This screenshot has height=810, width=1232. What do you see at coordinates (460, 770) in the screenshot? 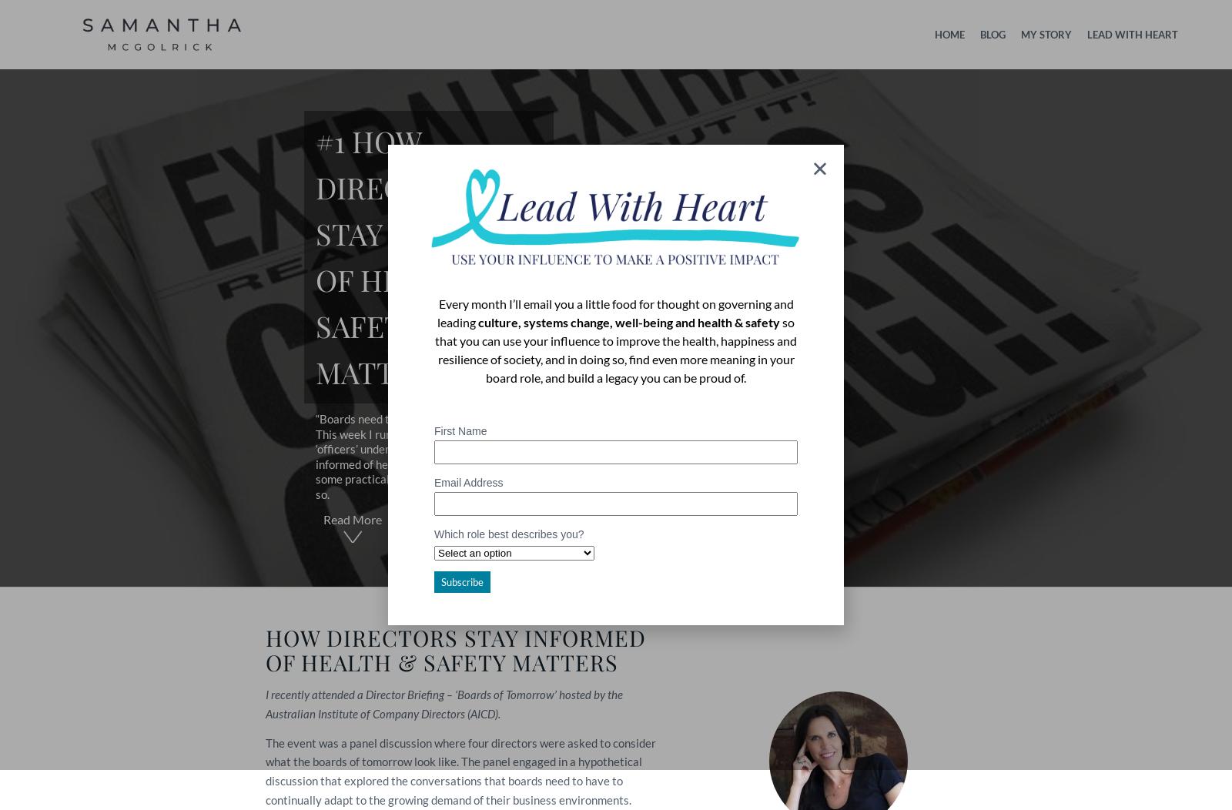
I see `'The event was a panel discussion where four directors were asked to consider what the boards of tomorrow look like. The panel engaged in a hypothetical discussion that explored the conversations that boards need to have to continually adapt to the growing demand of their business environments.'` at bounding box center [460, 770].